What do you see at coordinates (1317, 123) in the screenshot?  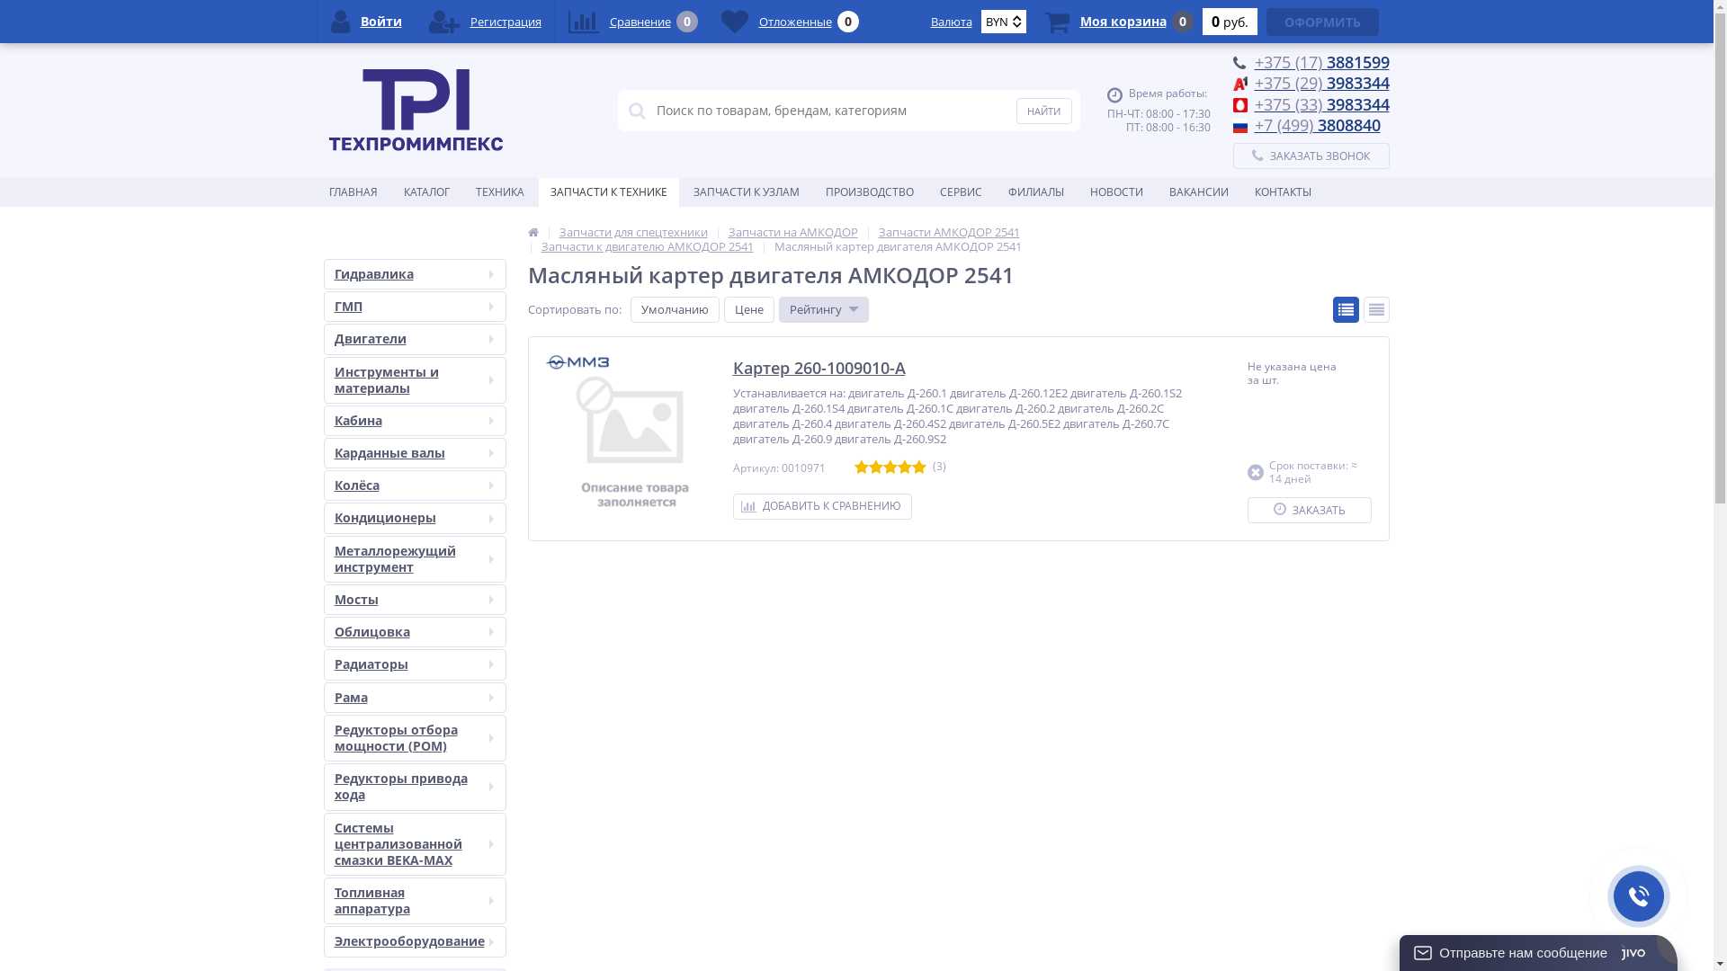 I see `'+7 (499) 3808840'` at bounding box center [1317, 123].